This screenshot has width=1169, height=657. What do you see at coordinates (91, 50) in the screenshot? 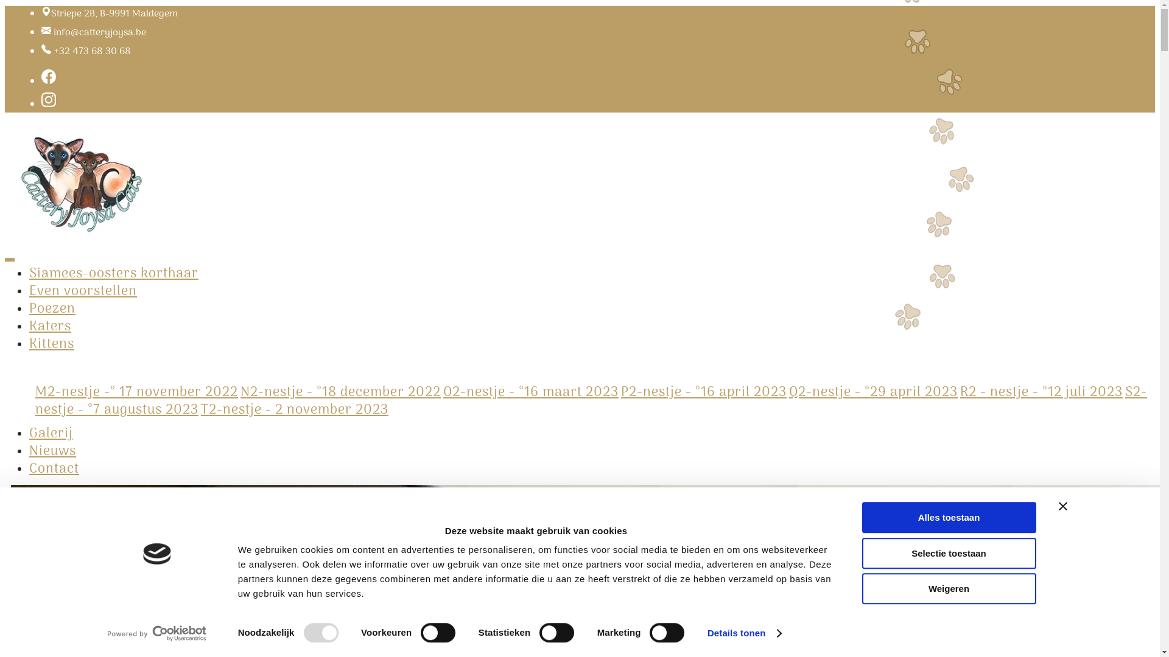
I see `'+32 473 68 30 68'` at bounding box center [91, 50].